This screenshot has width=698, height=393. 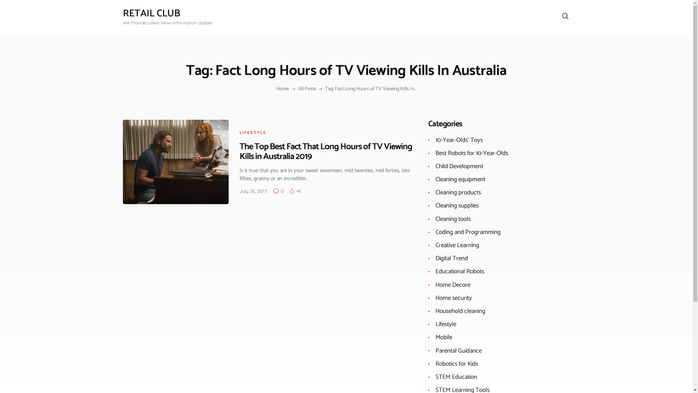 I want to click on 'Home Decore', so click(x=453, y=285).